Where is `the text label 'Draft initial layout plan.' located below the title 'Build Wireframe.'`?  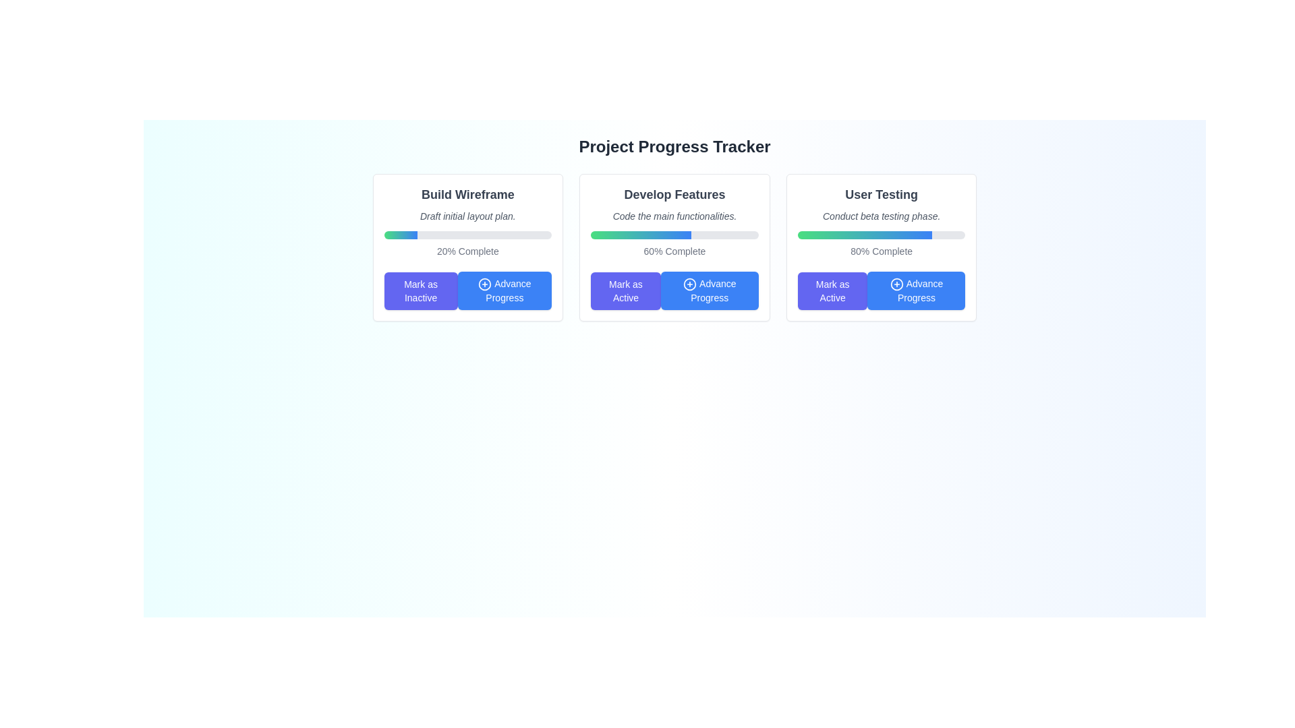
the text label 'Draft initial layout plan.' located below the title 'Build Wireframe.' is located at coordinates (467, 215).